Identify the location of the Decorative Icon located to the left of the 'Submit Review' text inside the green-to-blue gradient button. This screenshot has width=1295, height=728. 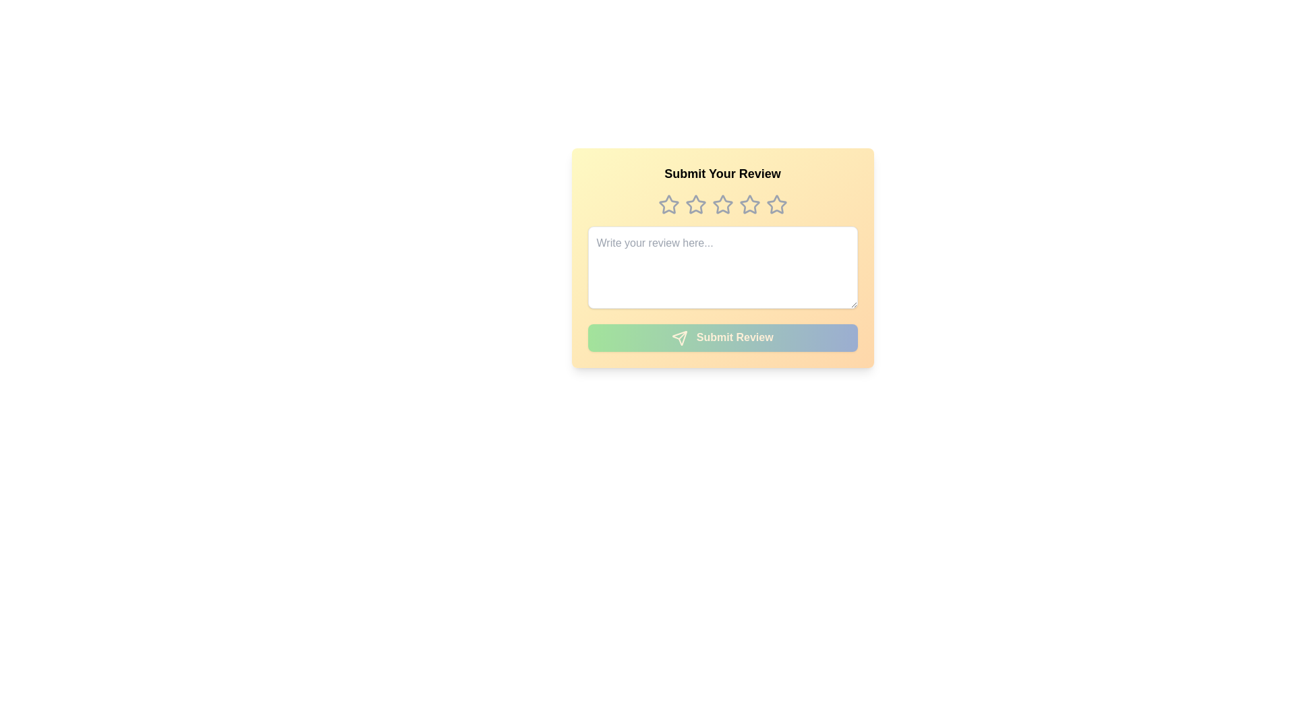
(680, 337).